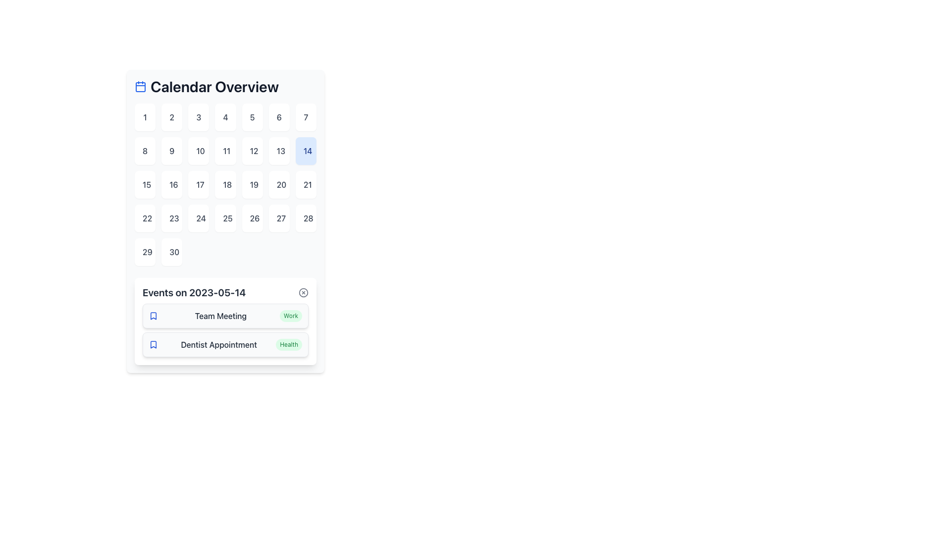  What do you see at coordinates (278, 185) in the screenshot?
I see `the day selector button for the 20th day of the month in the calendar interface` at bounding box center [278, 185].